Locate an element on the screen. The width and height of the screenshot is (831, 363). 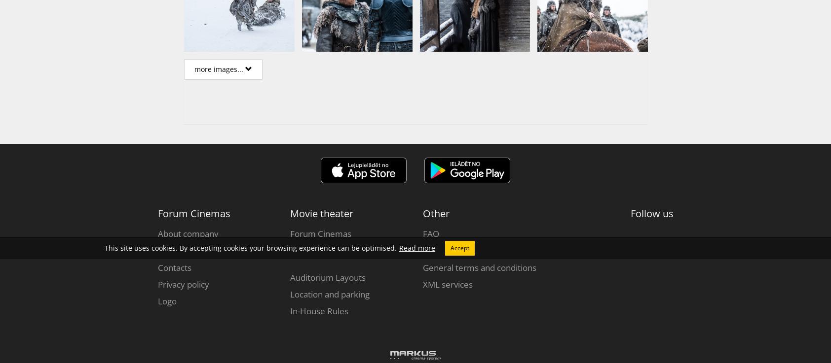
'Privacy policy' is located at coordinates (183, 283).